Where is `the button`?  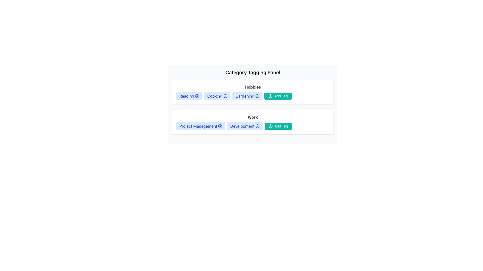
the button is located at coordinates (278, 96).